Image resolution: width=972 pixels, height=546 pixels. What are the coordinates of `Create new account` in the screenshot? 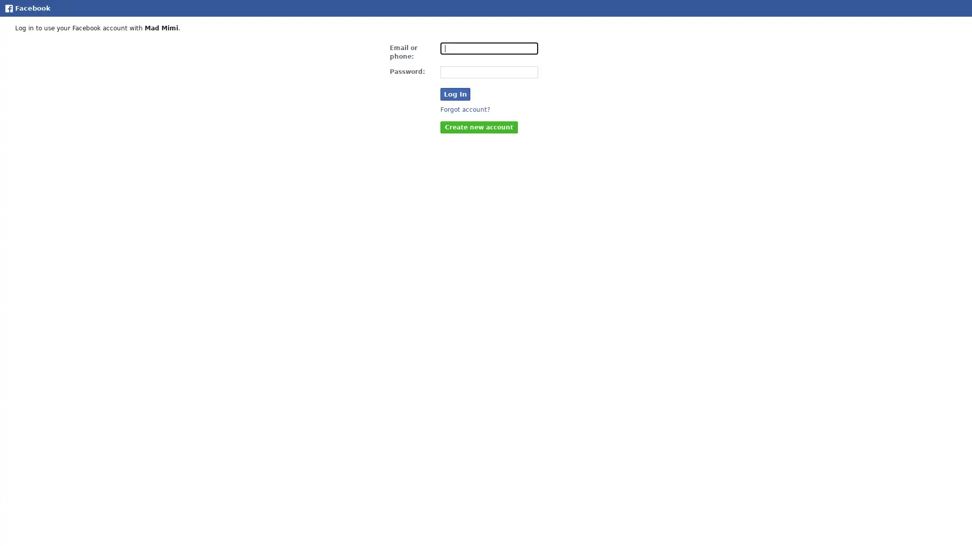 It's located at (478, 126).